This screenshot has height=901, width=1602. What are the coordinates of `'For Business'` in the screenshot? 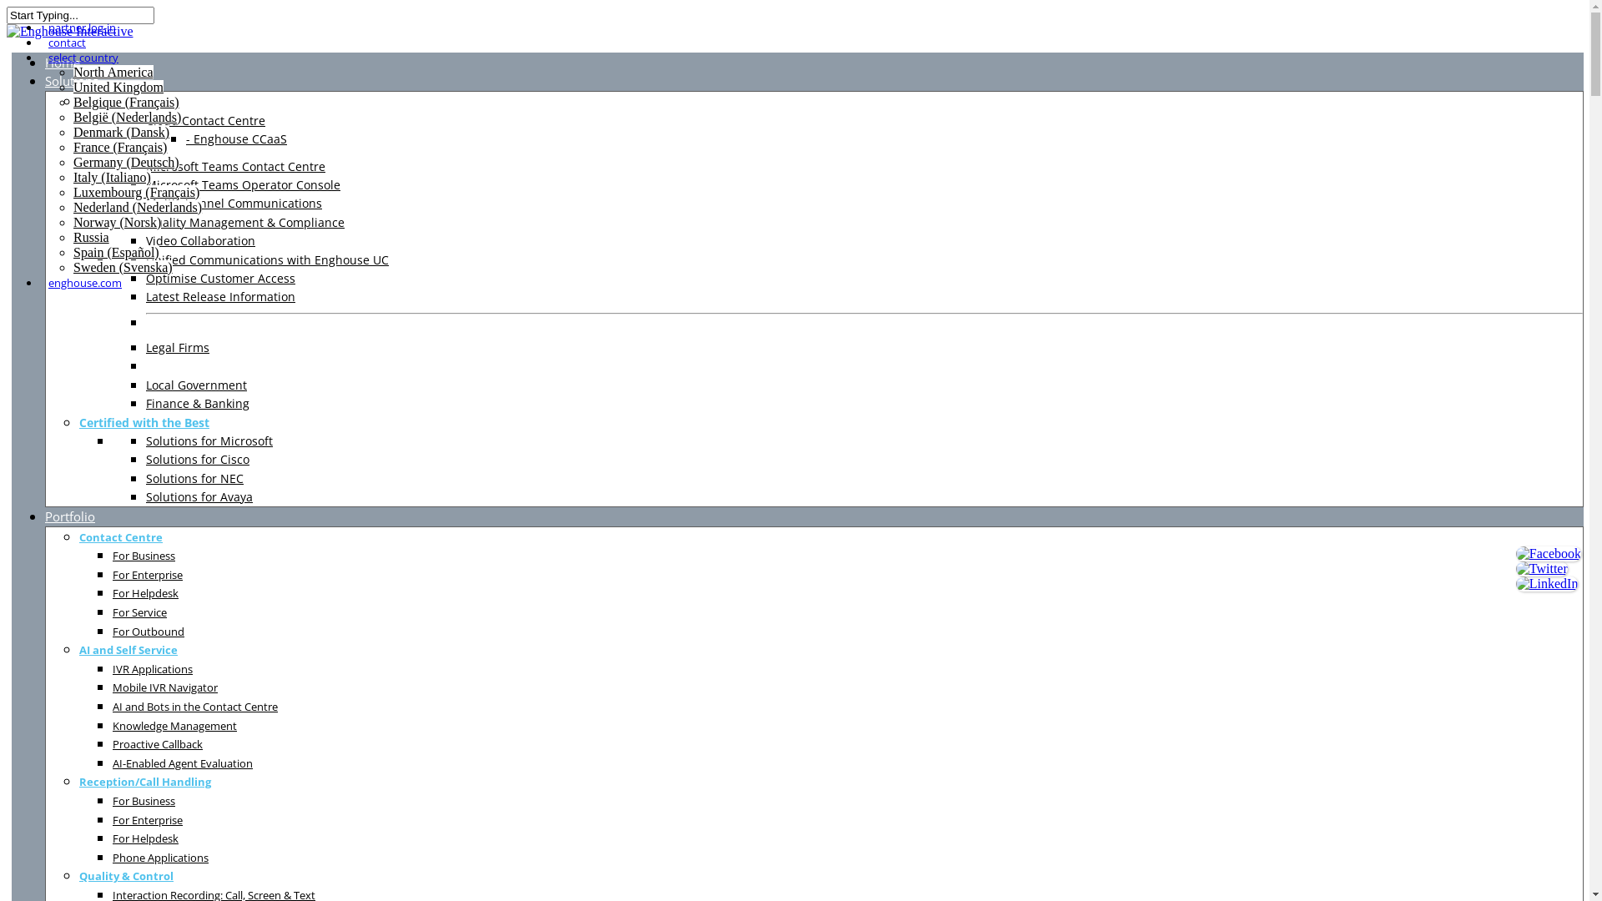 It's located at (144, 555).